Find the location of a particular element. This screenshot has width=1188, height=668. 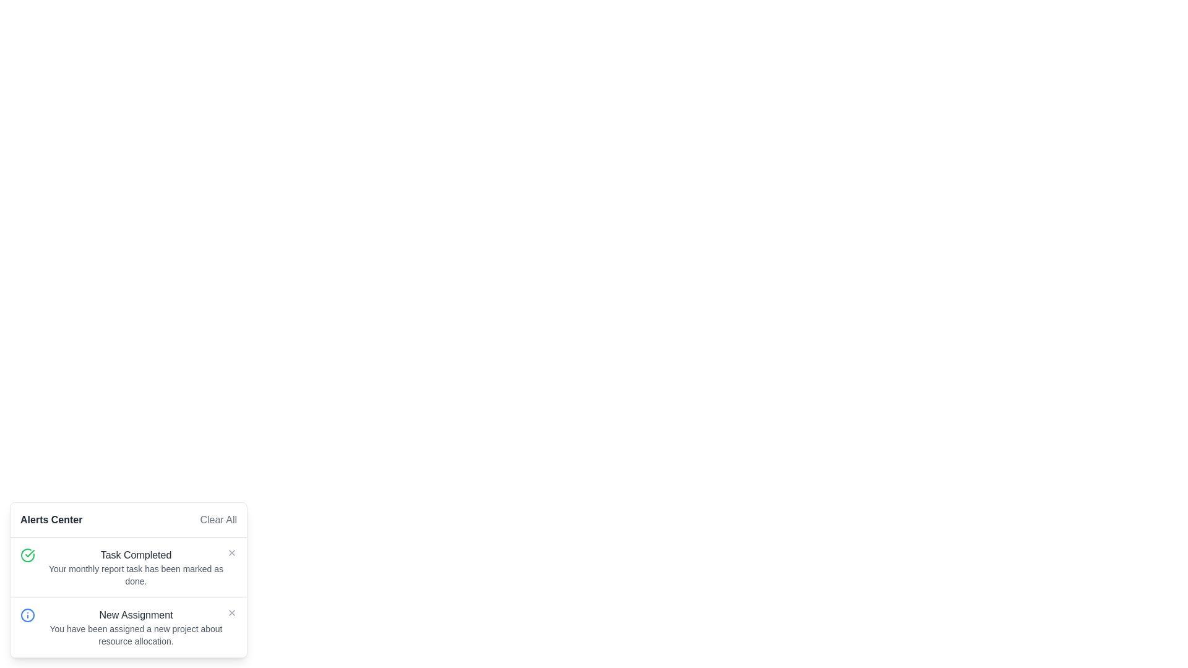

the text label that reads 'Task Completed', which is styled in a medium font weight and dark gray color, located at the top of the notification card in the 'Alerts Center' panel is located at coordinates (136, 555).